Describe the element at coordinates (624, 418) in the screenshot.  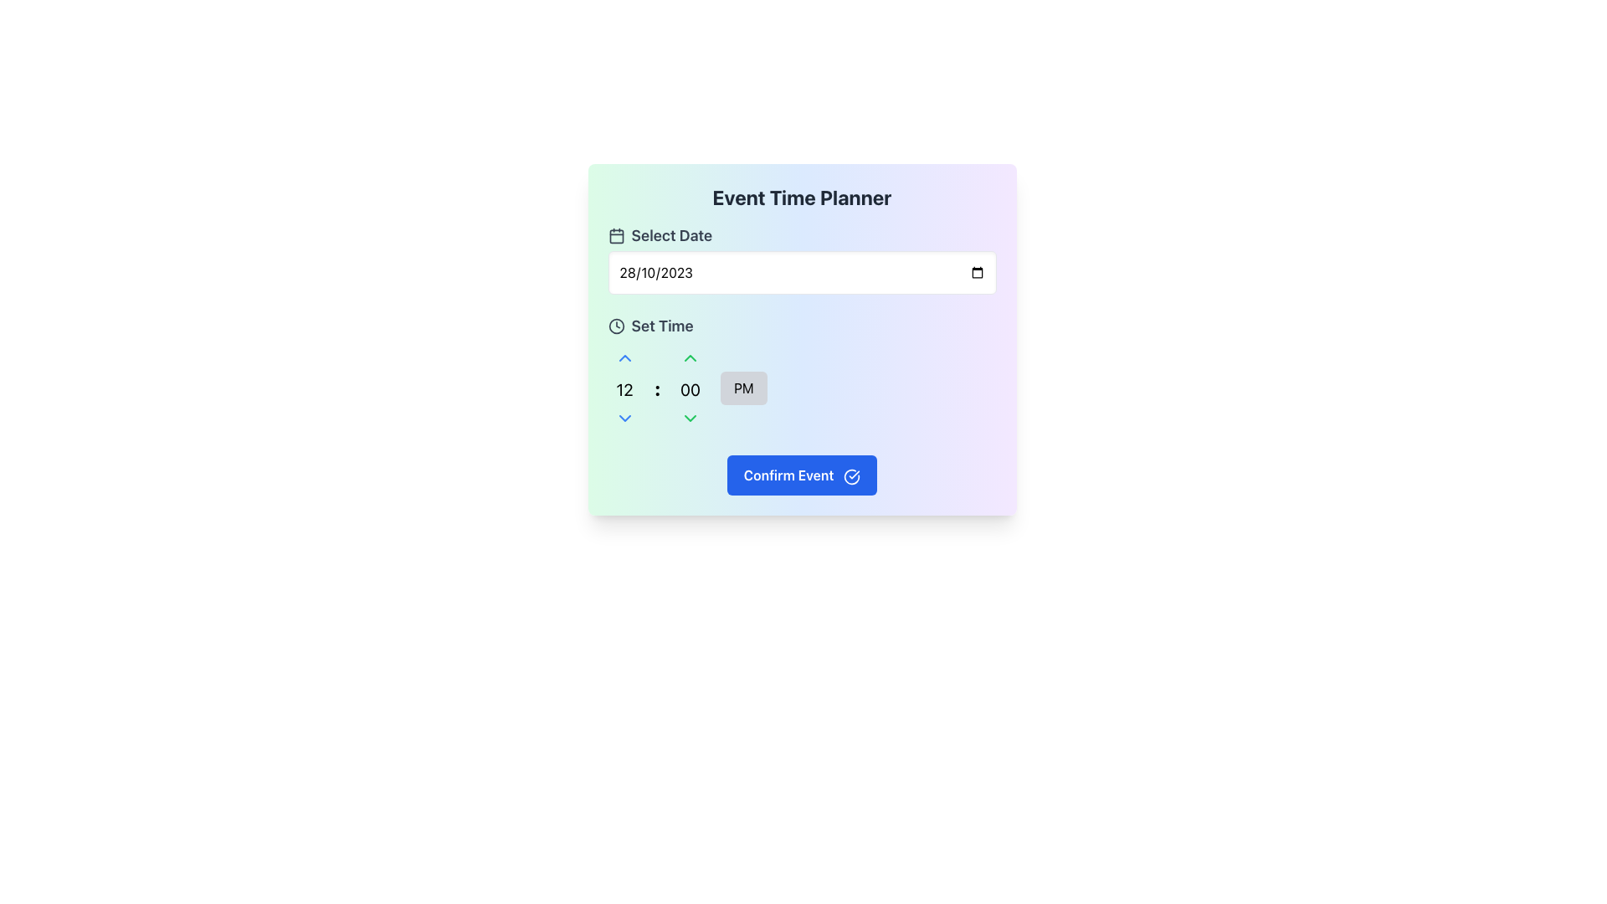
I see `the button located below the numeral '12' in the 'Set Time' section` at that location.